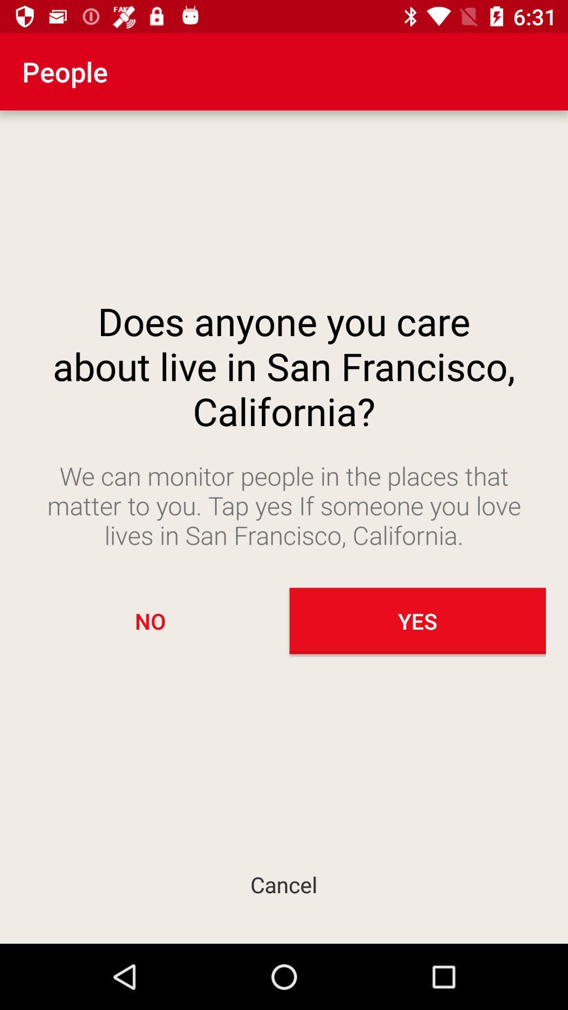 The width and height of the screenshot is (568, 1010). I want to click on item below no item, so click(284, 884).